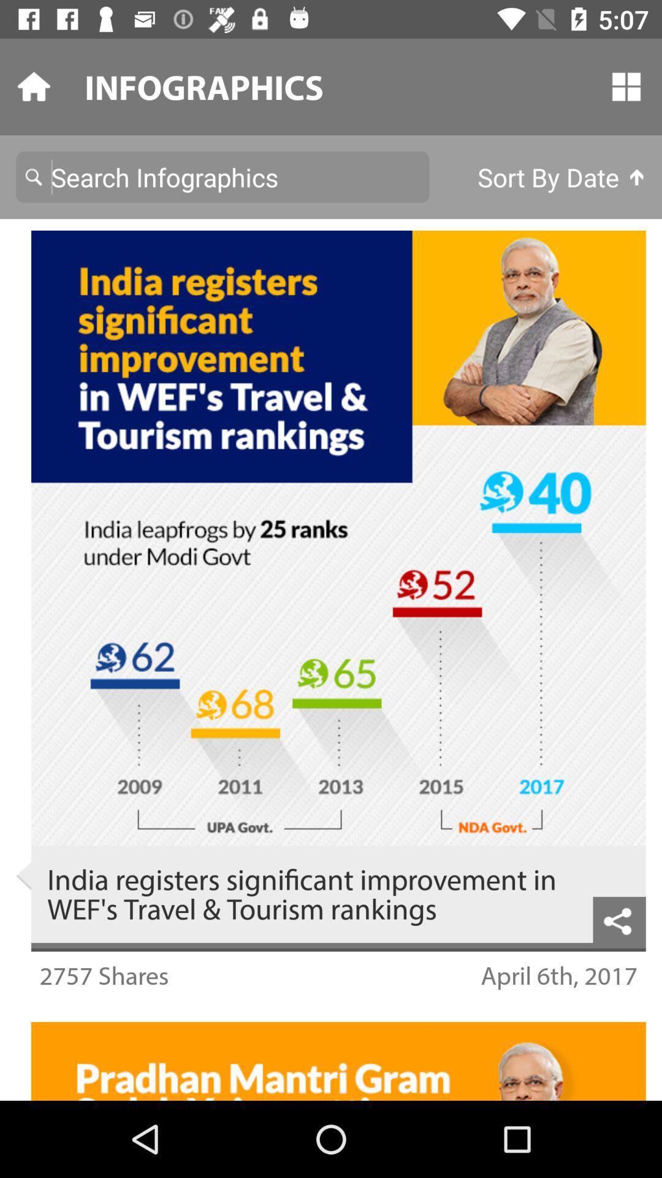 The width and height of the screenshot is (662, 1178). Describe the element at coordinates (103, 974) in the screenshot. I see `the item next to the april 6th, 2017 item` at that location.